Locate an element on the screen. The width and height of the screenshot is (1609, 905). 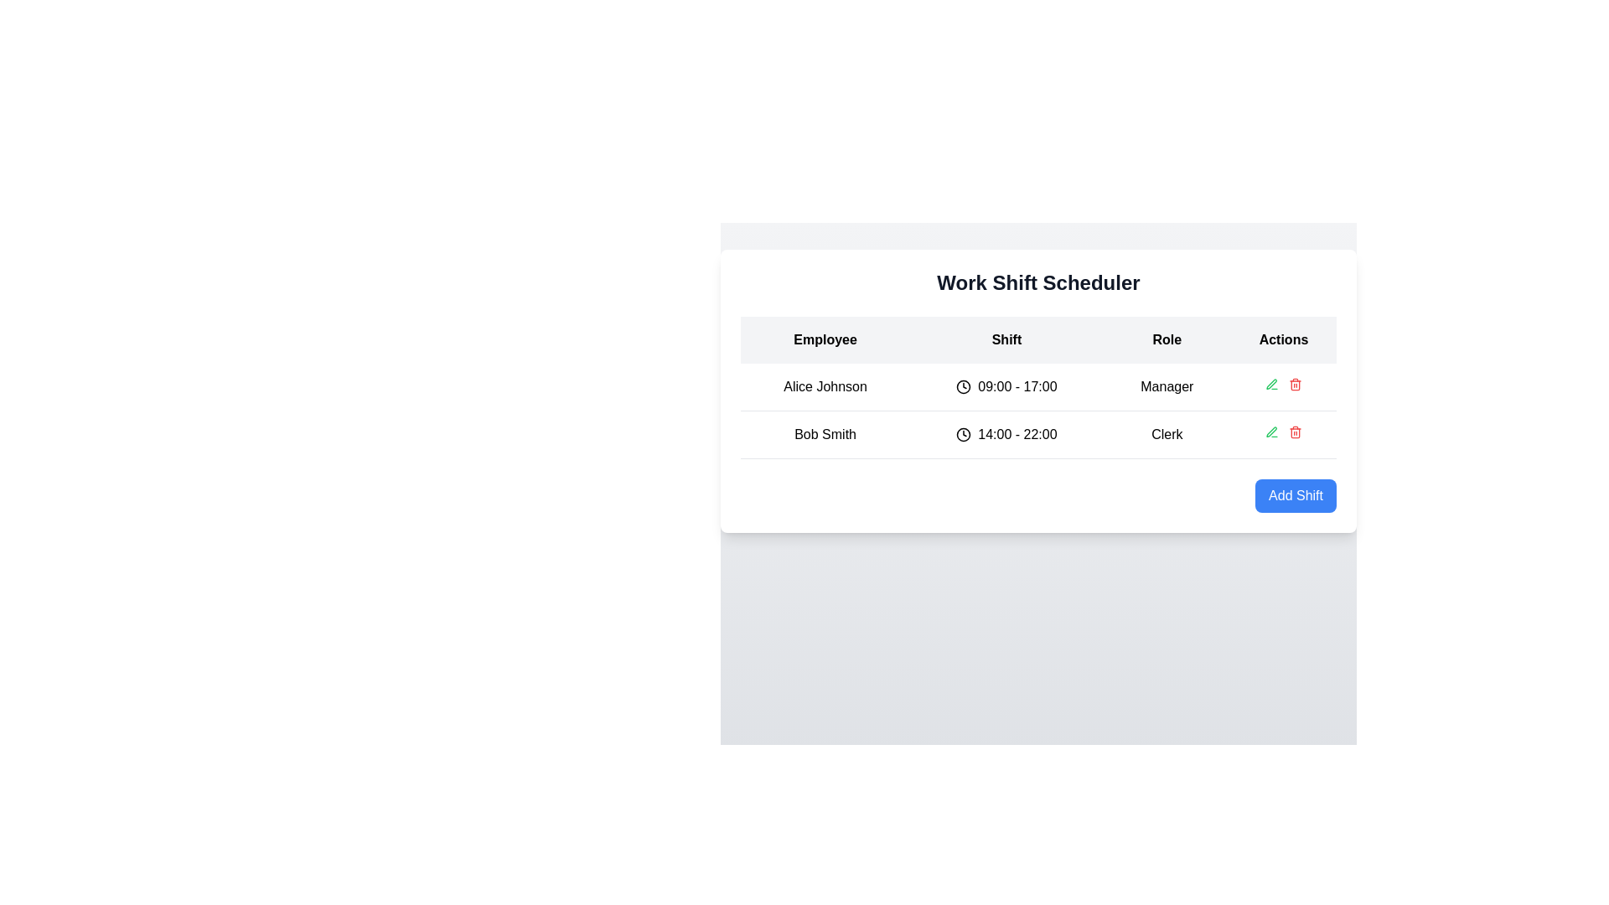
the display text showing working hours (09:00 - 17:00) for employee Alice Johnson, located in the second column of the first row of the table beneath the heading 'Shift' is located at coordinates (1017, 387).